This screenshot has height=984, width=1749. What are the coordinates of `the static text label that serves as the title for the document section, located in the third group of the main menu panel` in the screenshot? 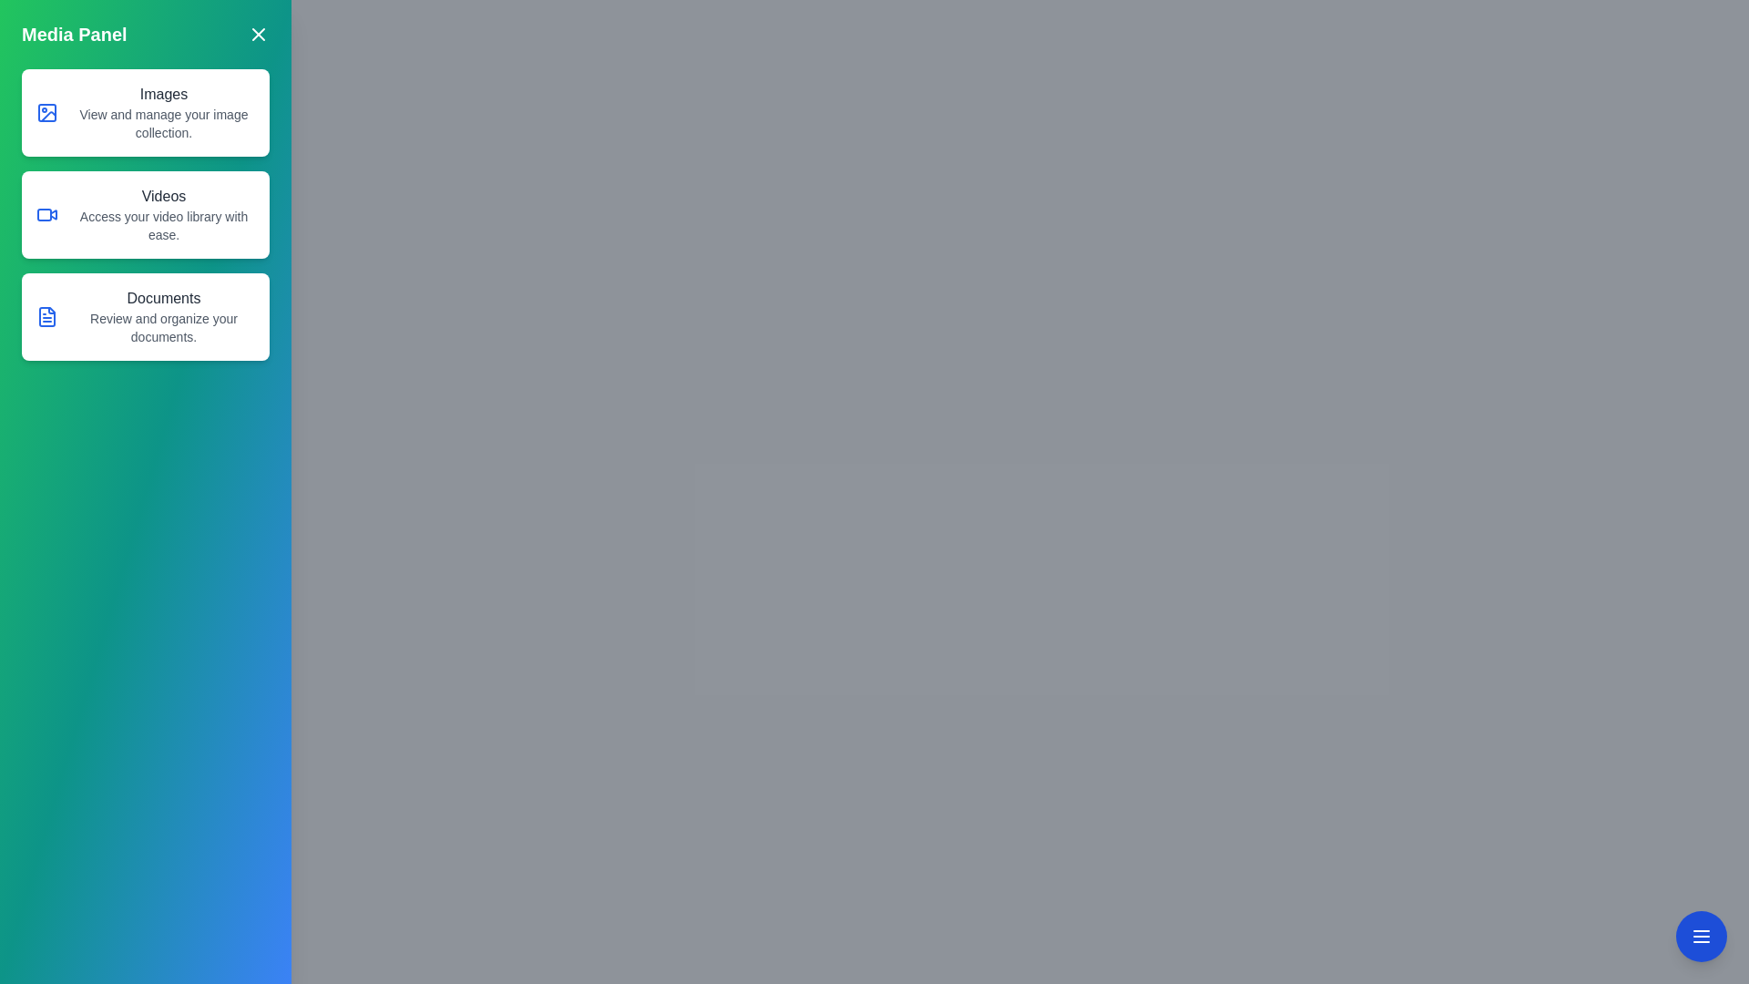 It's located at (164, 297).